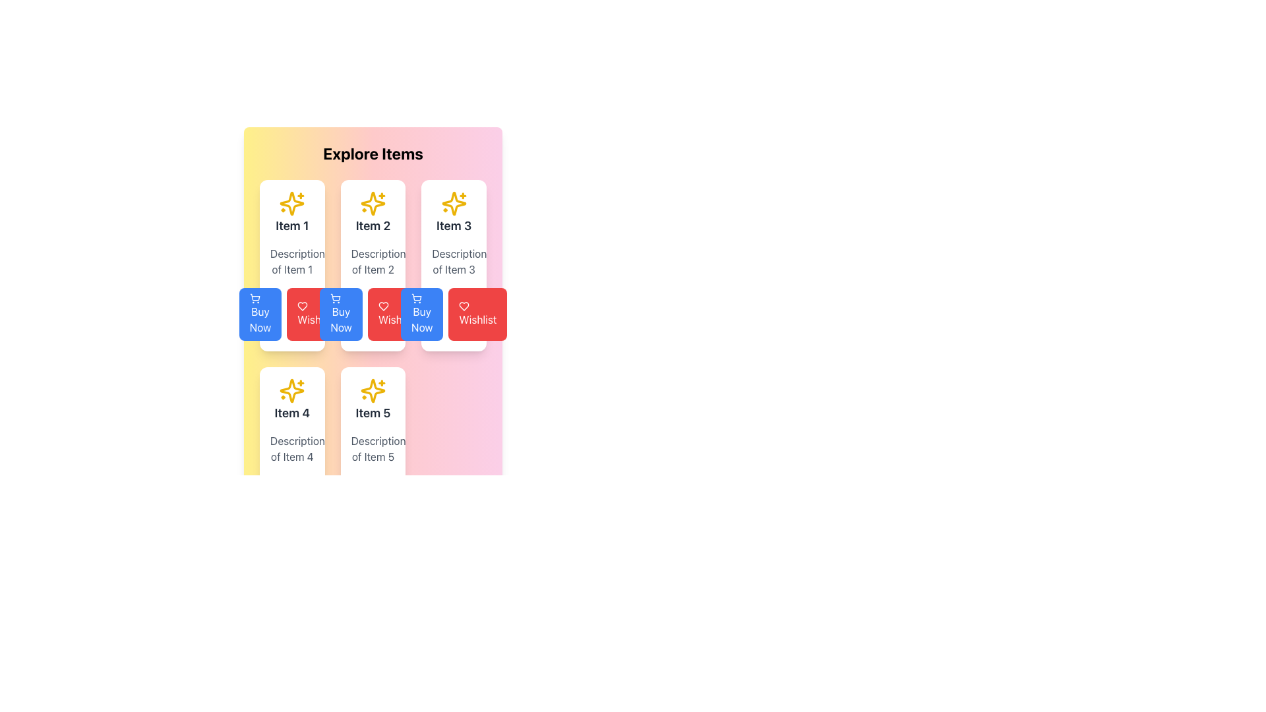  What do you see at coordinates (291, 203) in the screenshot?
I see `the sparkles-shaped Decorative SVG Icon, which is bright yellow and located at the top section of the card labeled 'Item 1' in the grid layout` at bounding box center [291, 203].